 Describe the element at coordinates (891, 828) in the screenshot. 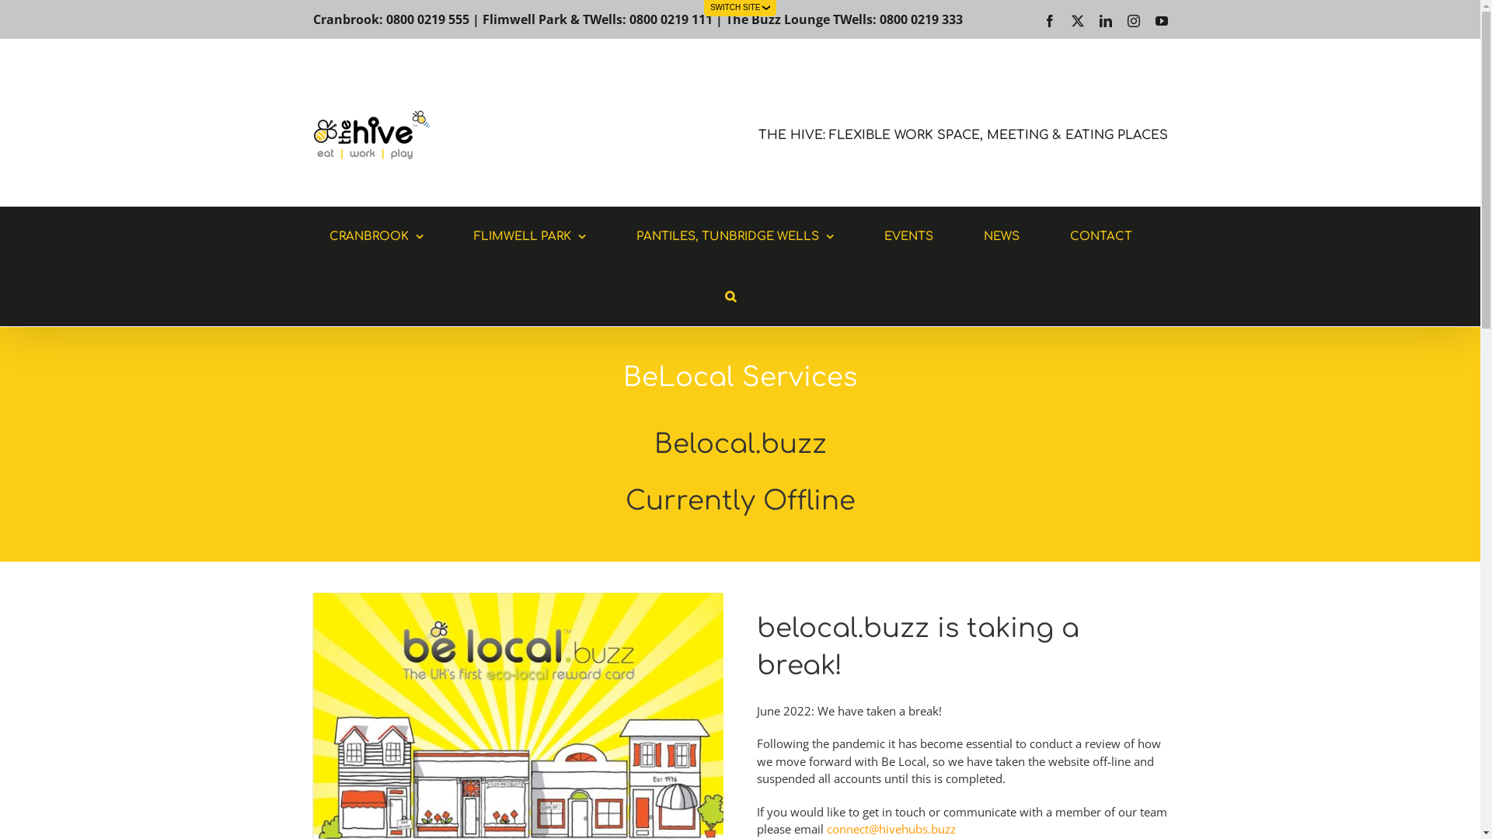

I see `'connect@hivehubs.buzz'` at that location.